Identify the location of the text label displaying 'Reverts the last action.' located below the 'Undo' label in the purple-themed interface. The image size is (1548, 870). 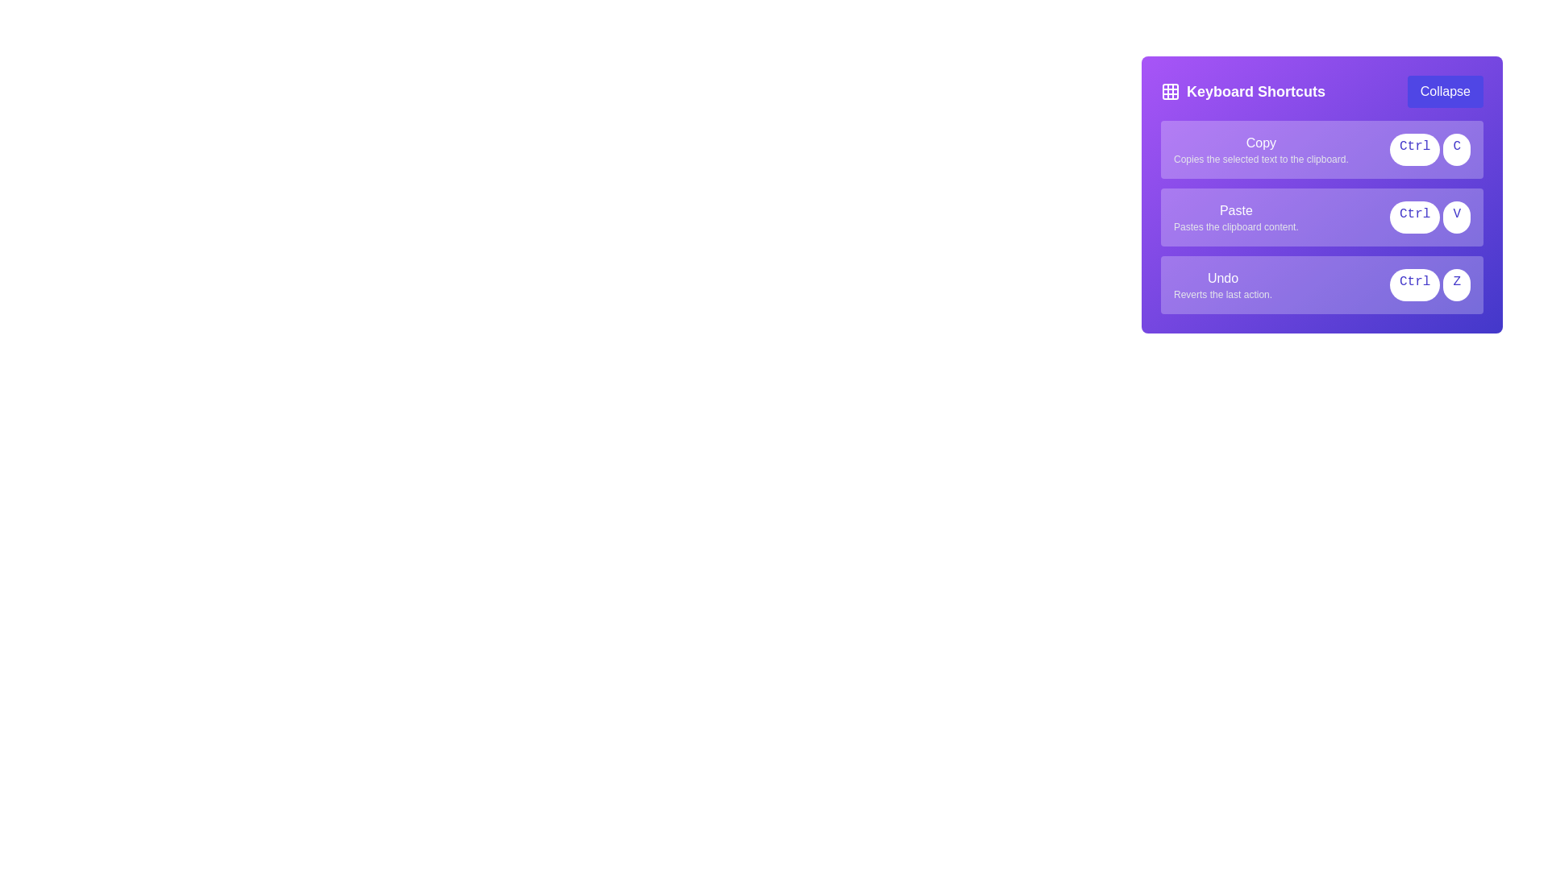
(1222, 295).